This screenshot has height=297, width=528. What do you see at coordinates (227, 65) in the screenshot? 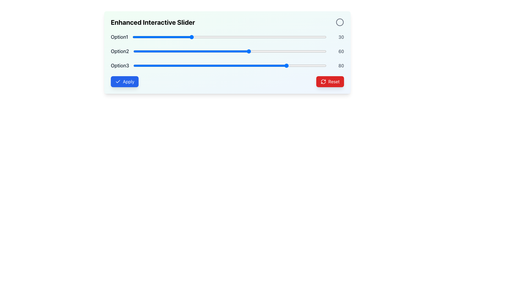
I see `the track of the 'Option3' slider component to set a specific value` at bounding box center [227, 65].